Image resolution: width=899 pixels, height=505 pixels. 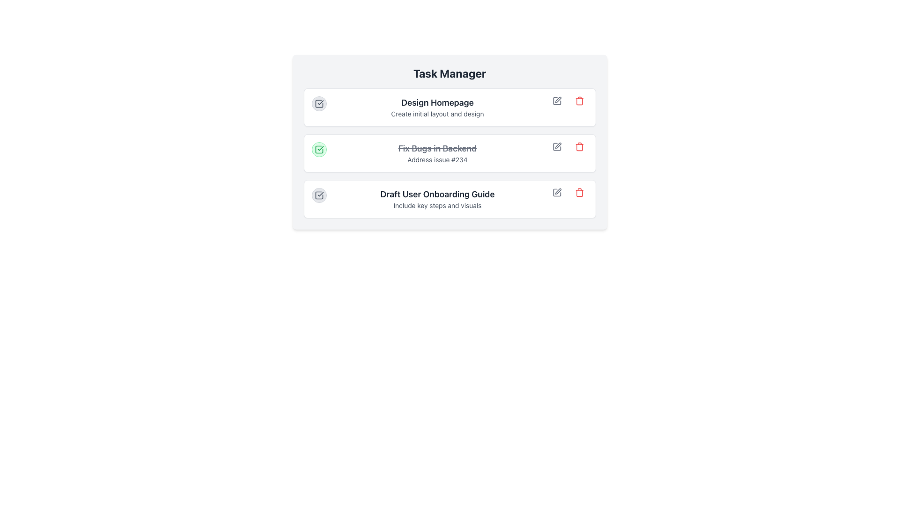 What do you see at coordinates (319, 195) in the screenshot?
I see `the non-interactive checkmark box icon located in the third row of task items, specifically in the leftmost column of status markers` at bounding box center [319, 195].